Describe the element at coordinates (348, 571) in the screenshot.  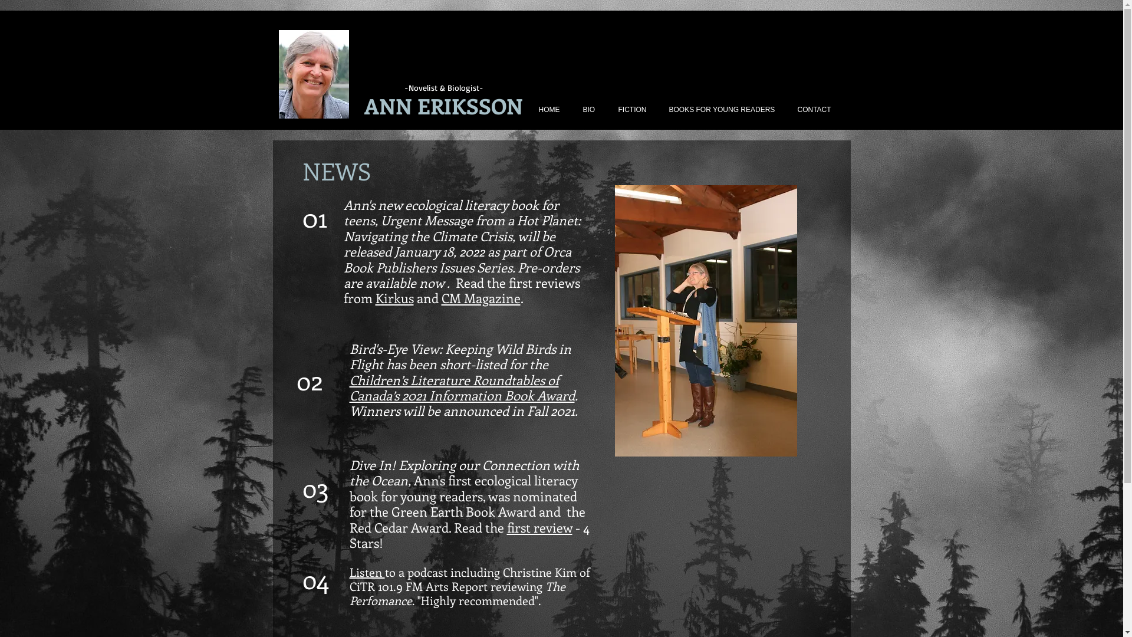
I see `'Listen'` at that location.